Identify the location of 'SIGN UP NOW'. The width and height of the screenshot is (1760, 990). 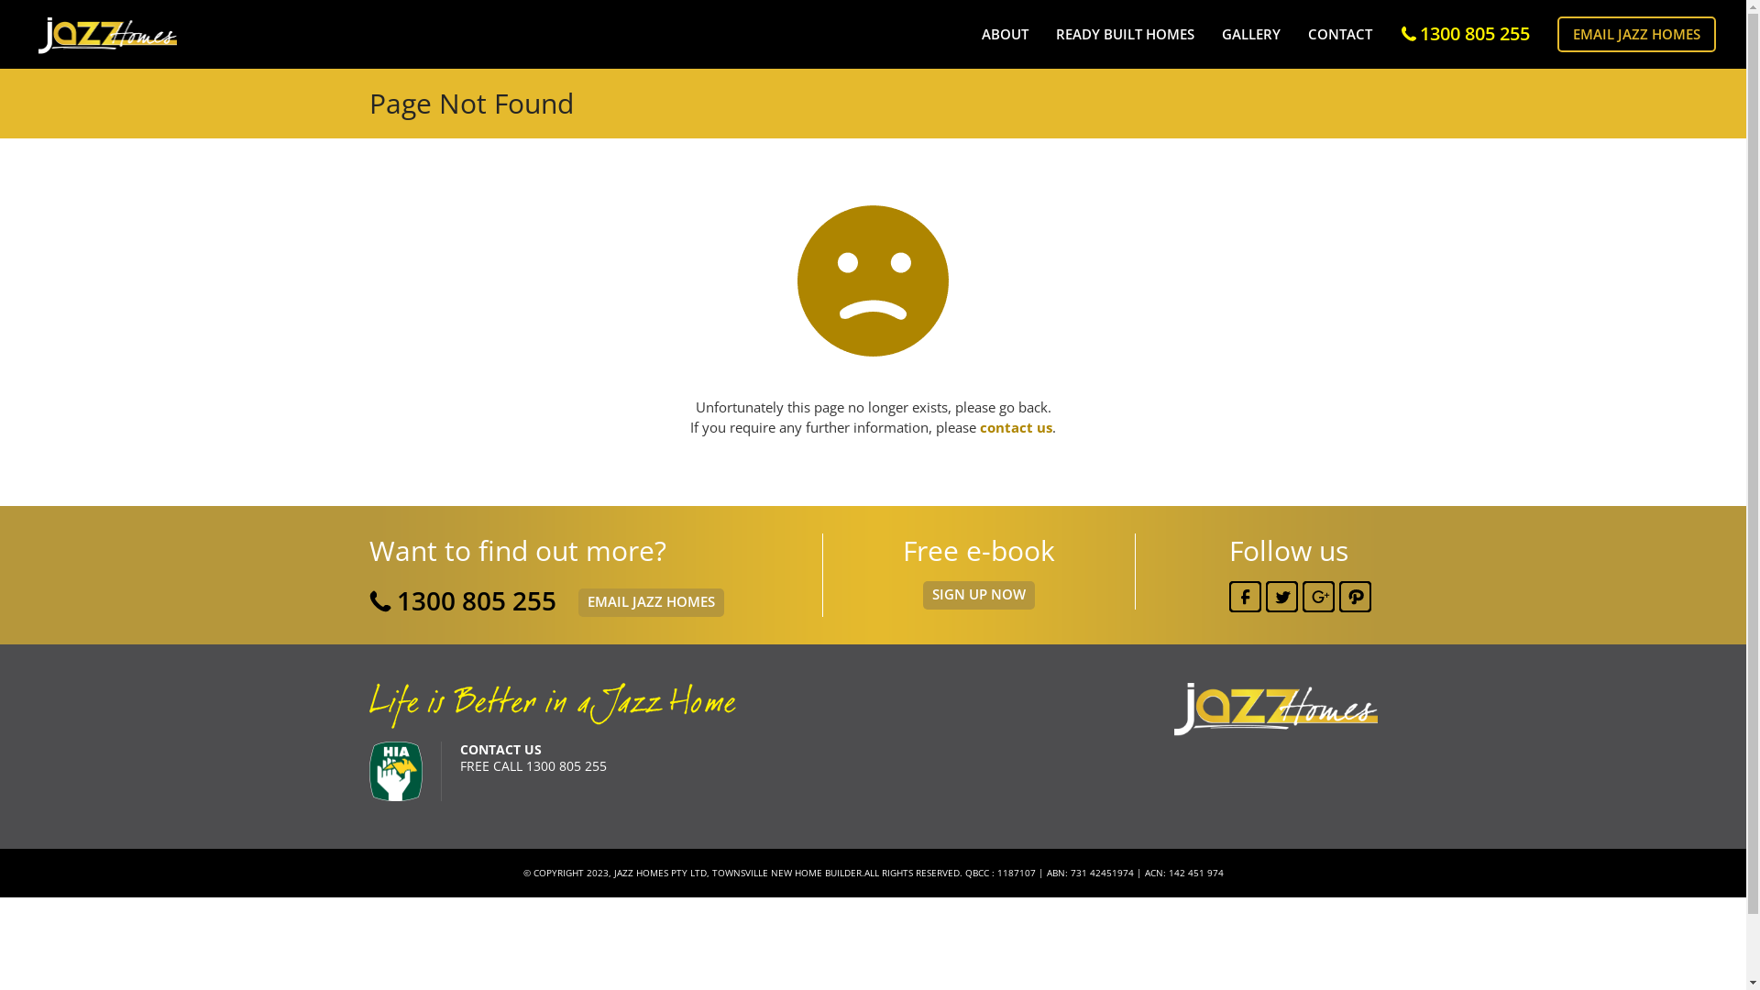
(976, 595).